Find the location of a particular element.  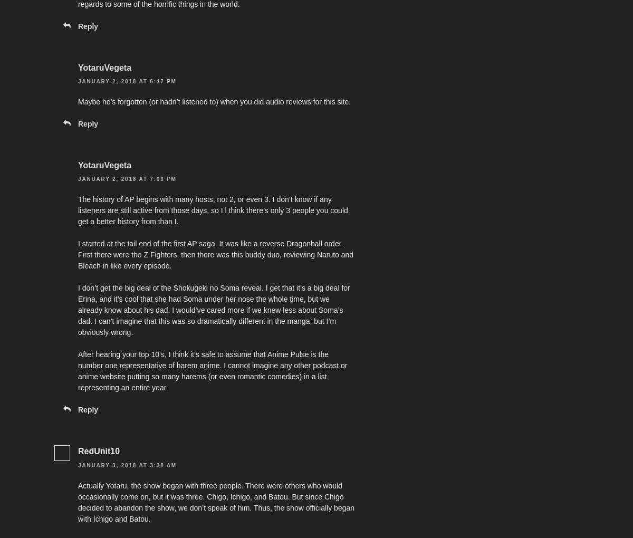

'January 3, 2018 at 3:38 am' is located at coordinates (126, 464).